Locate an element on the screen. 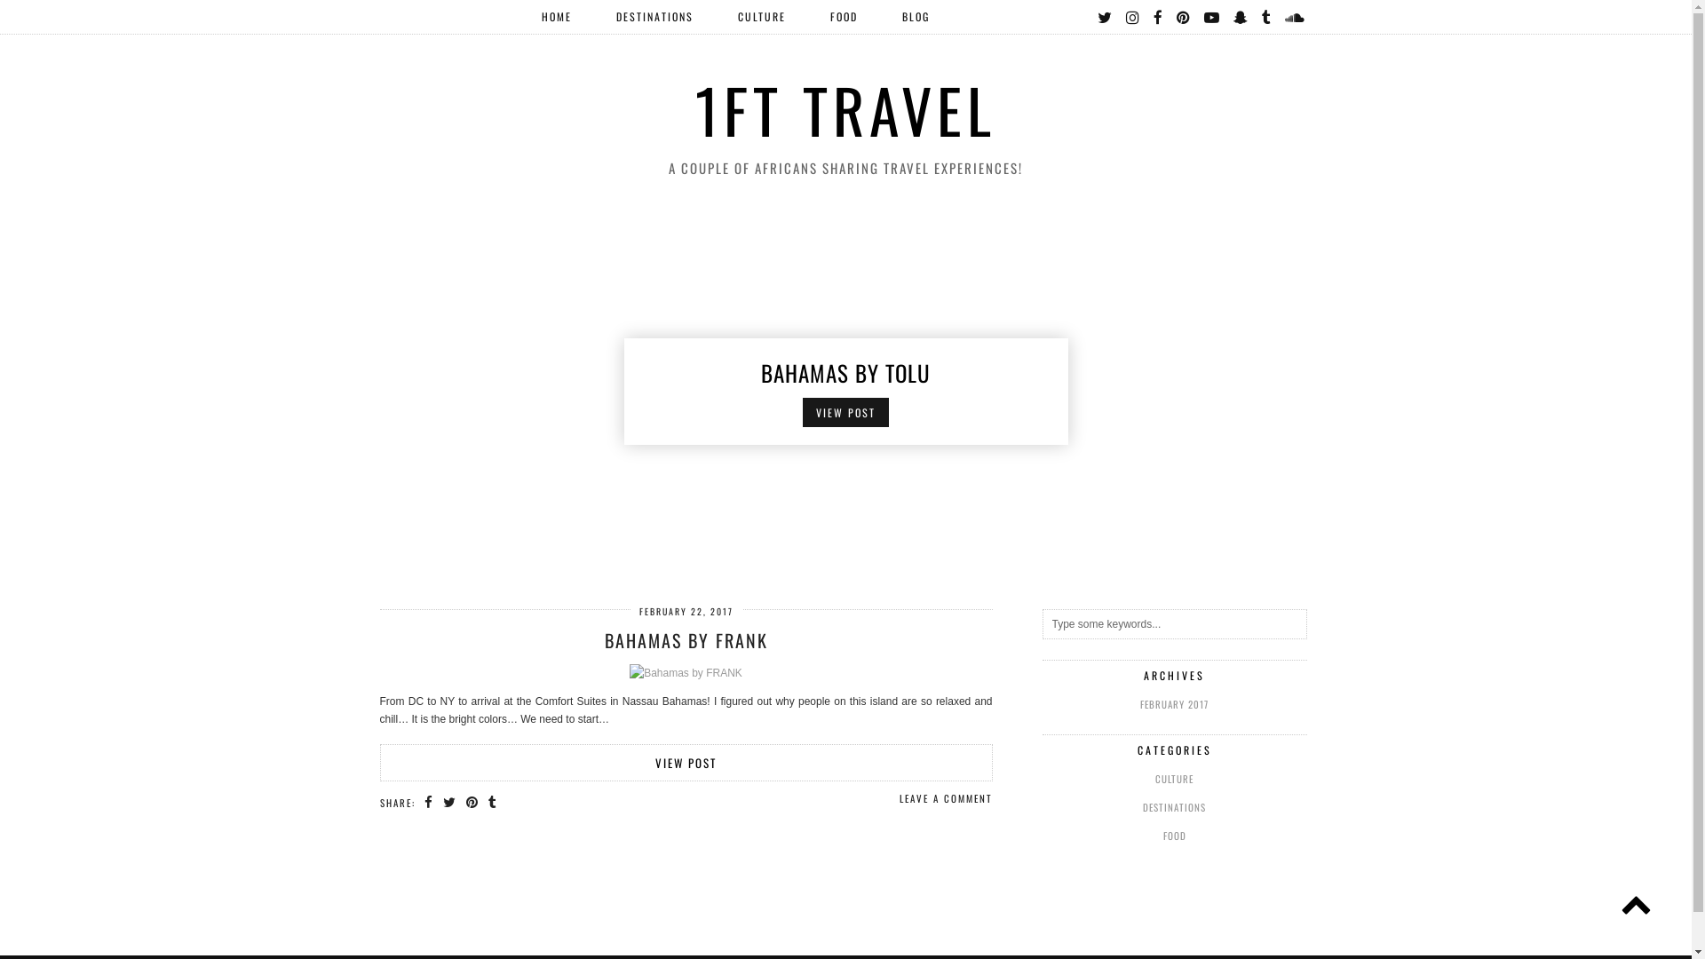 This screenshot has height=959, width=1705. 'VIEW POST' is located at coordinates (845, 412).